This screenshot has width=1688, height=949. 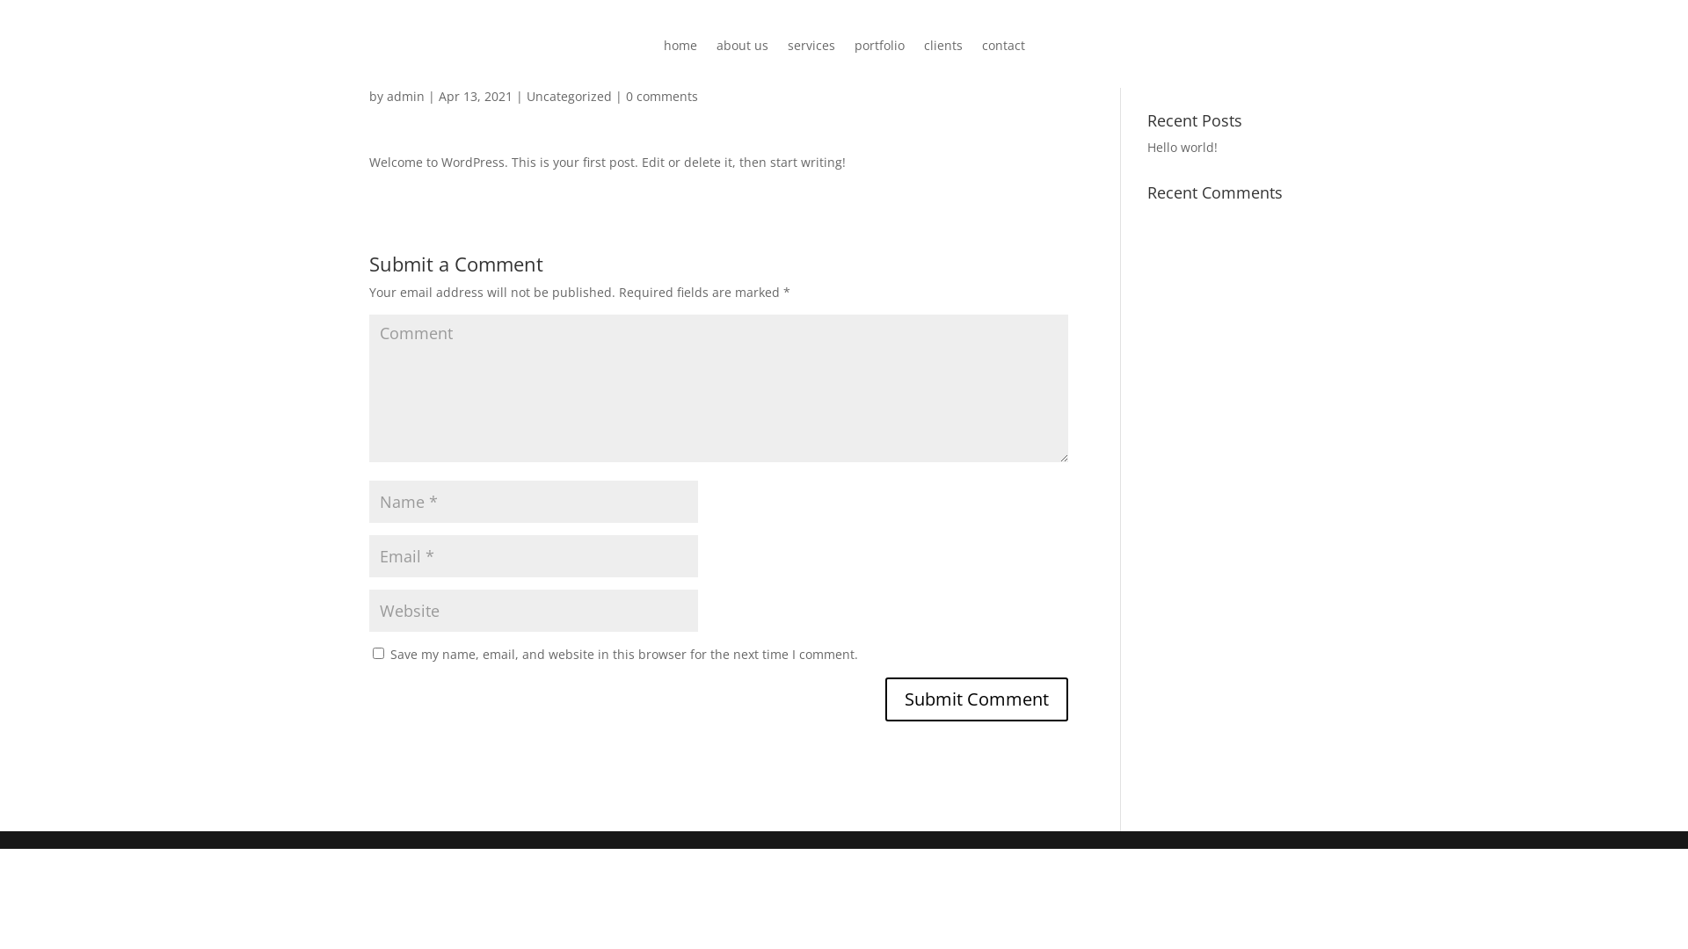 I want to click on '0 comments', so click(x=661, y=96).